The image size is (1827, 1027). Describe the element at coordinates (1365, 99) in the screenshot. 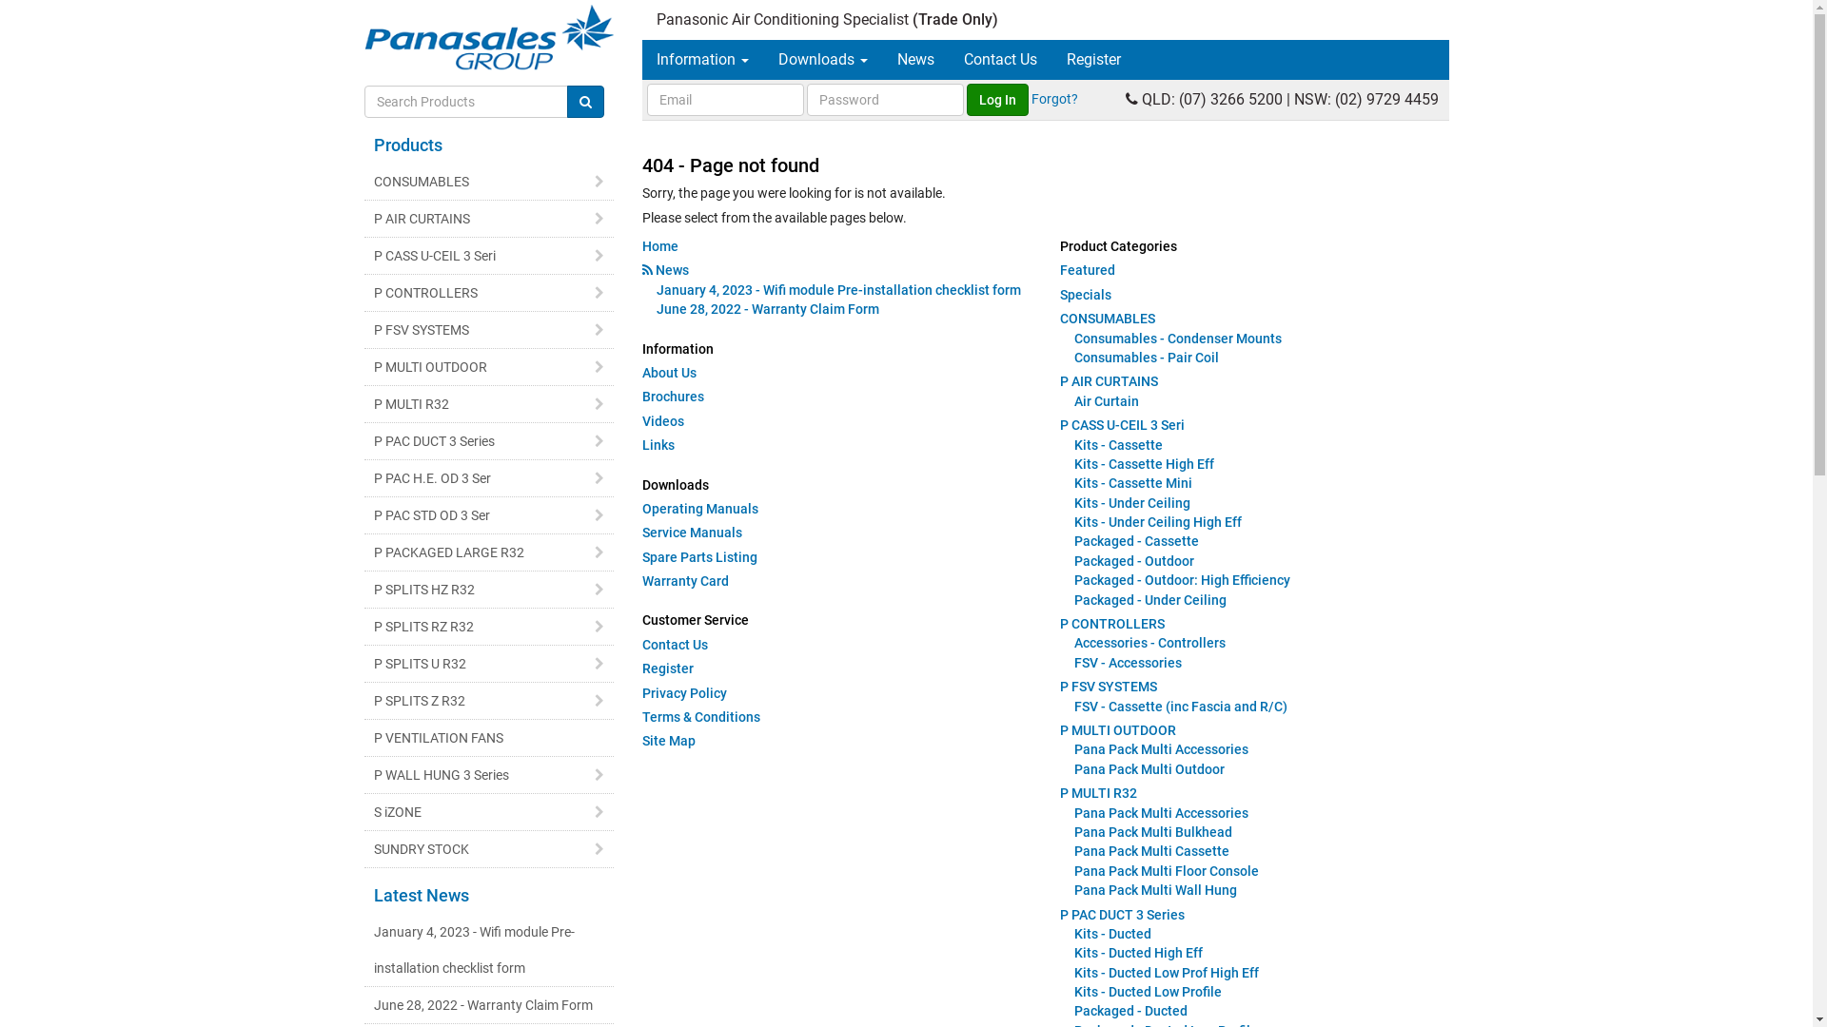

I see `'NSW: (02) 9729 4459'` at that location.